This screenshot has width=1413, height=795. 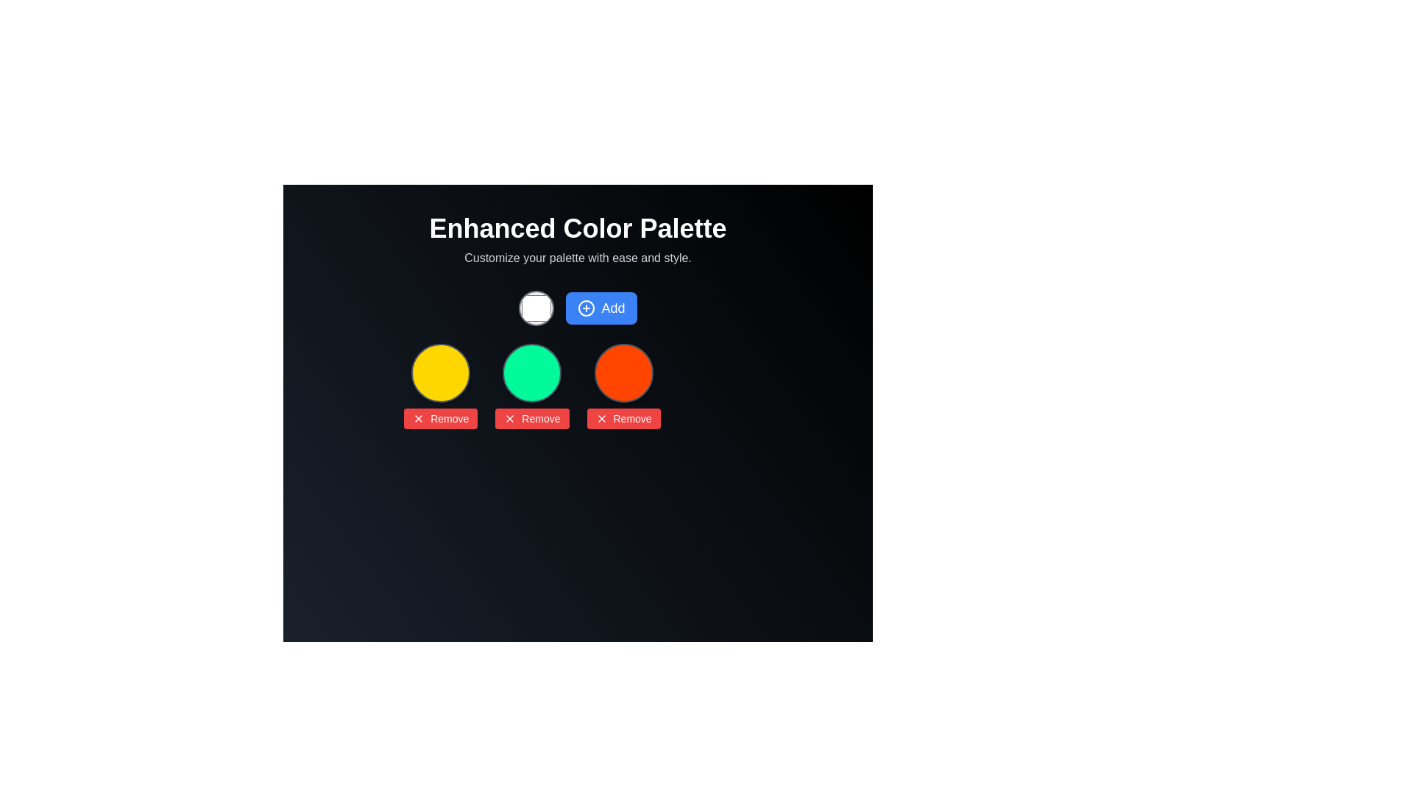 I want to click on the graphical icon resembling a circle with a plus sign, which is part of the blue 'Add' button located below the title 'Enhanced Color Palette', so click(x=586, y=308).